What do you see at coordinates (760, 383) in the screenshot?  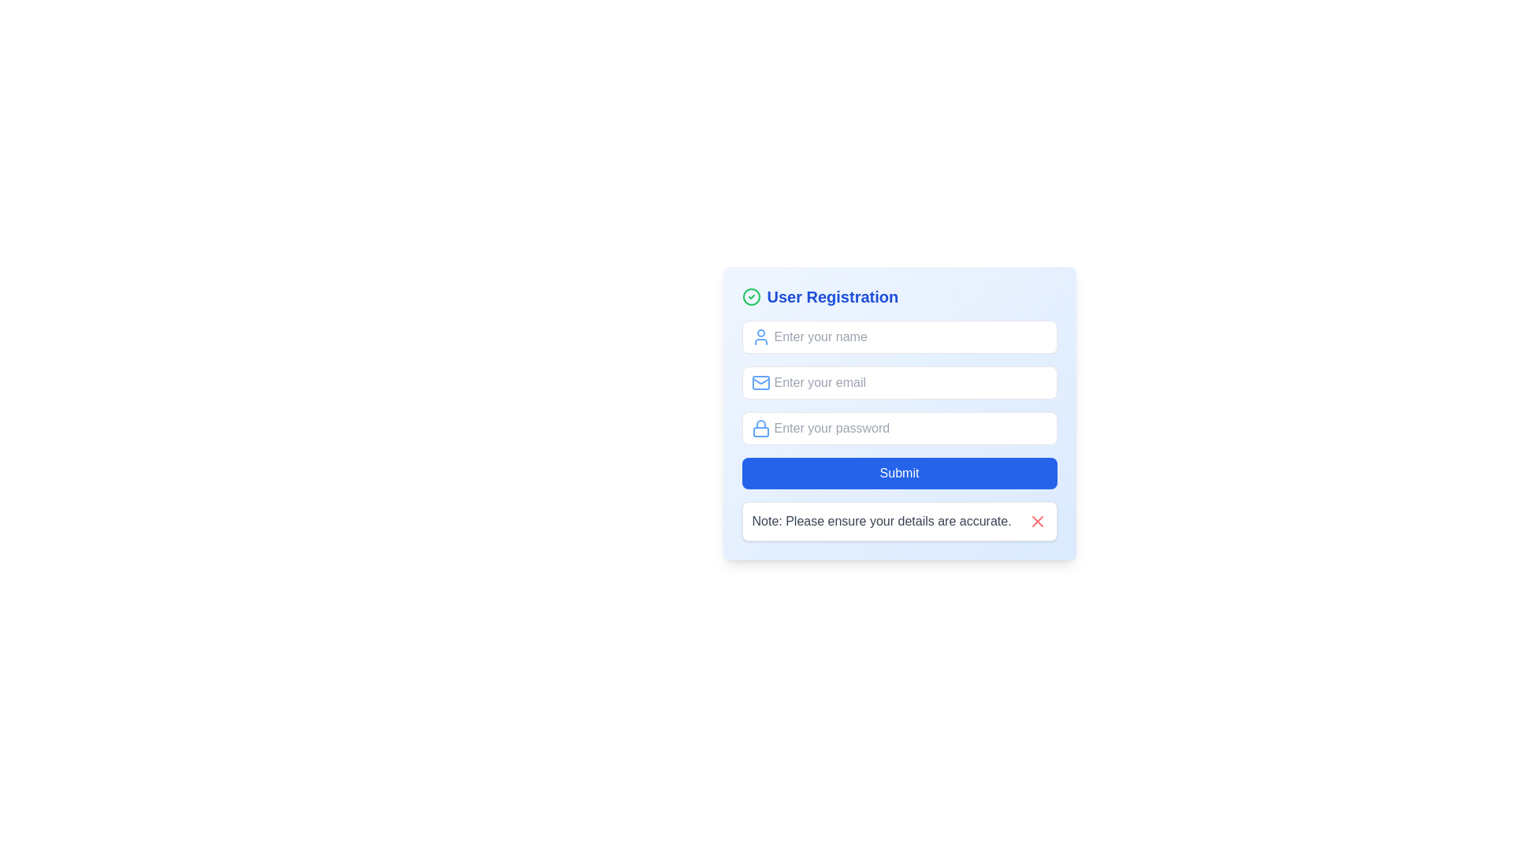 I see `the envelope icon represented by the SVG rectangle shape, located to the left of the email input field, for visual confirmation` at bounding box center [760, 383].